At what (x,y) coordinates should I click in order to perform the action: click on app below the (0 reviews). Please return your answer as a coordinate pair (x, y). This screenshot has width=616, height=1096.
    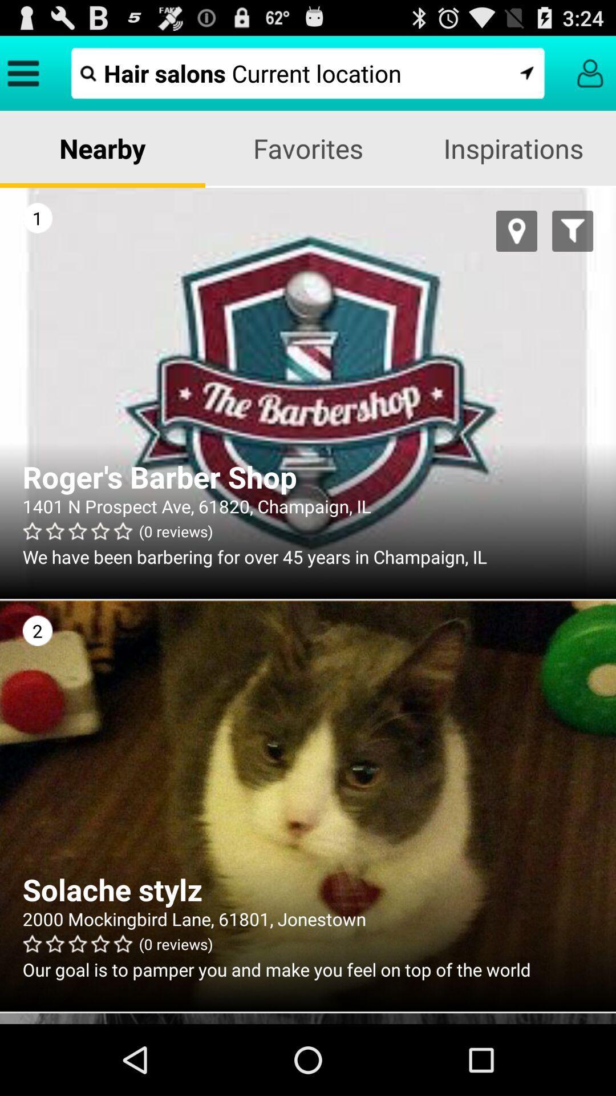
    Looking at the image, I should click on (308, 969).